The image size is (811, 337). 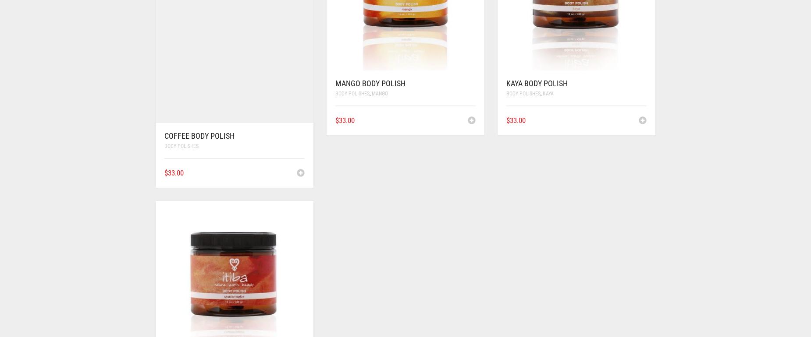 What do you see at coordinates (370, 83) in the screenshot?
I see `'Mango Body Polish'` at bounding box center [370, 83].